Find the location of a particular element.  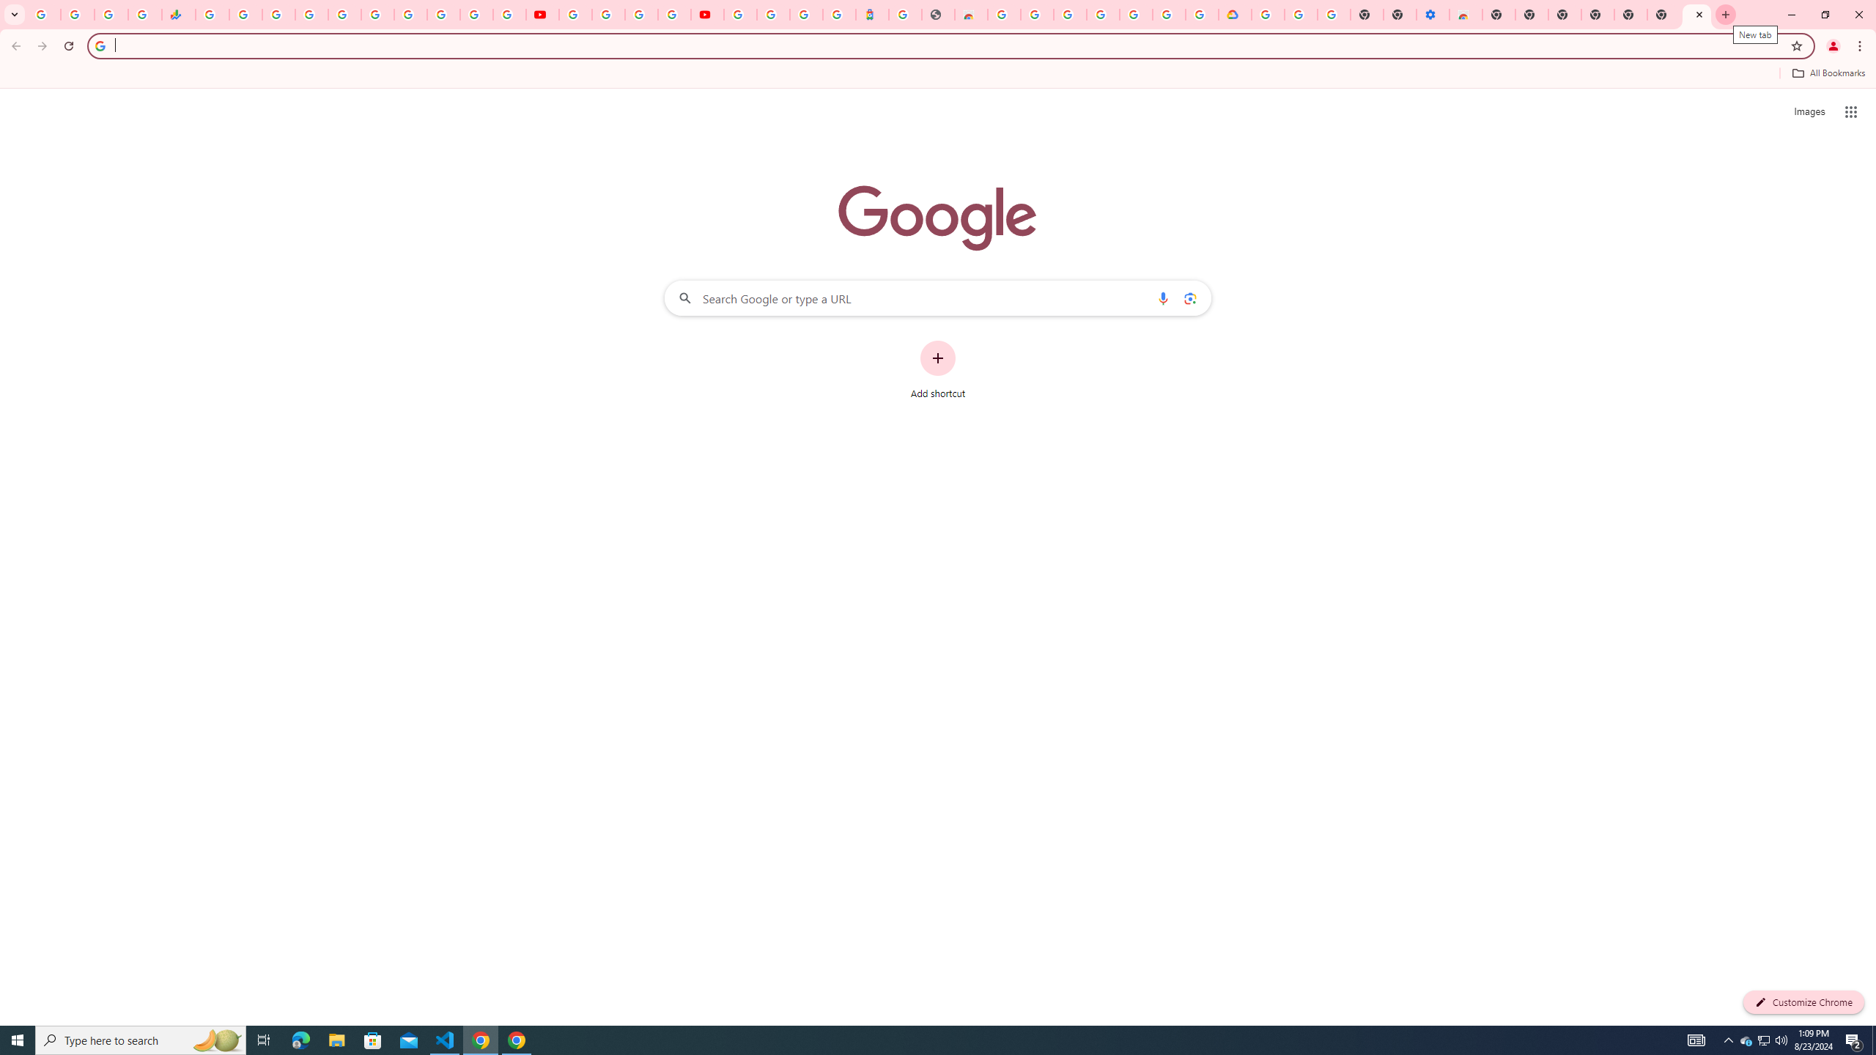

'YouTube' is located at coordinates (543, 14).